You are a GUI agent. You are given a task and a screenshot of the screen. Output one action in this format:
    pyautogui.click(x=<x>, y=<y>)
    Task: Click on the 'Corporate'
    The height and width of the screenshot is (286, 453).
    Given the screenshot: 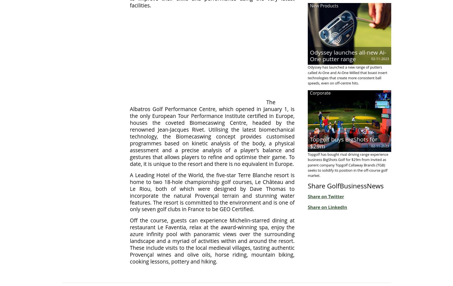 What is the action you would take?
    pyautogui.click(x=320, y=92)
    